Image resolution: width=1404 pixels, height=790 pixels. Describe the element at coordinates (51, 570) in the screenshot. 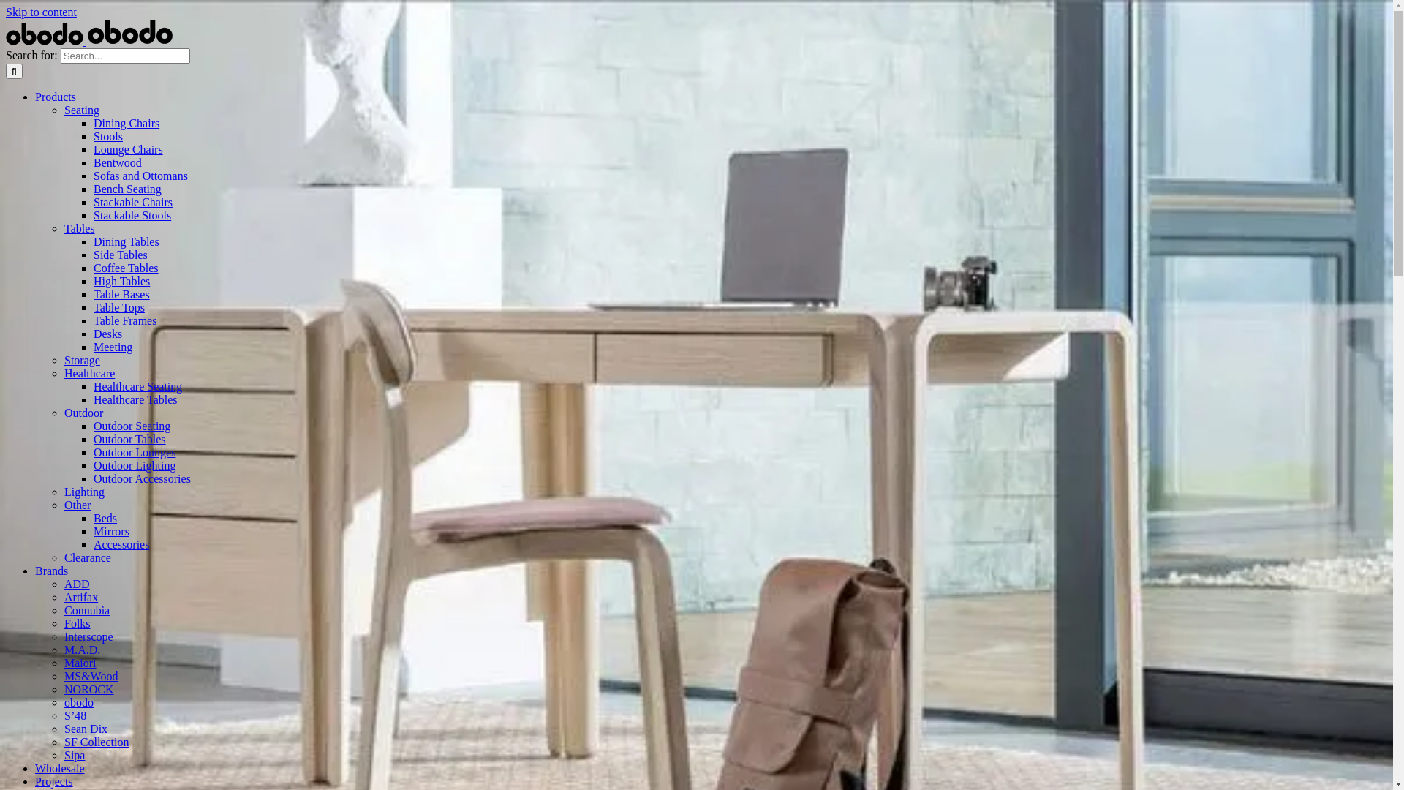

I see `'Brands'` at that location.